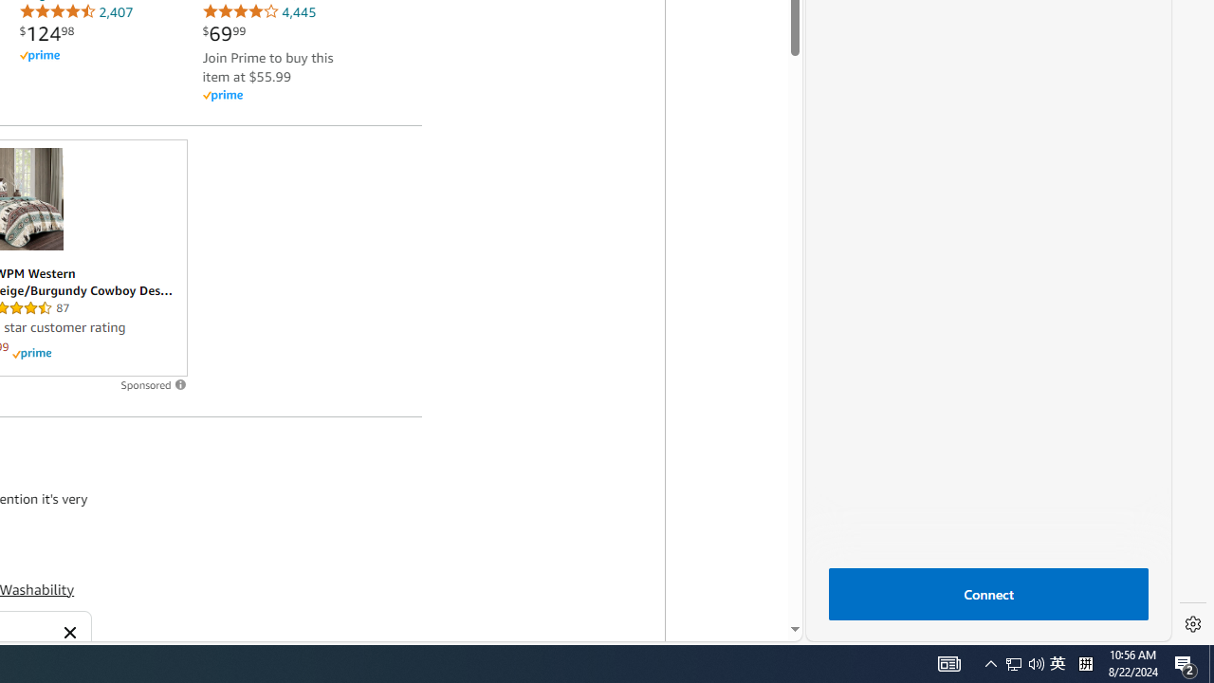 The image size is (1214, 683). I want to click on 'Amazon Prime', so click(277, 95).